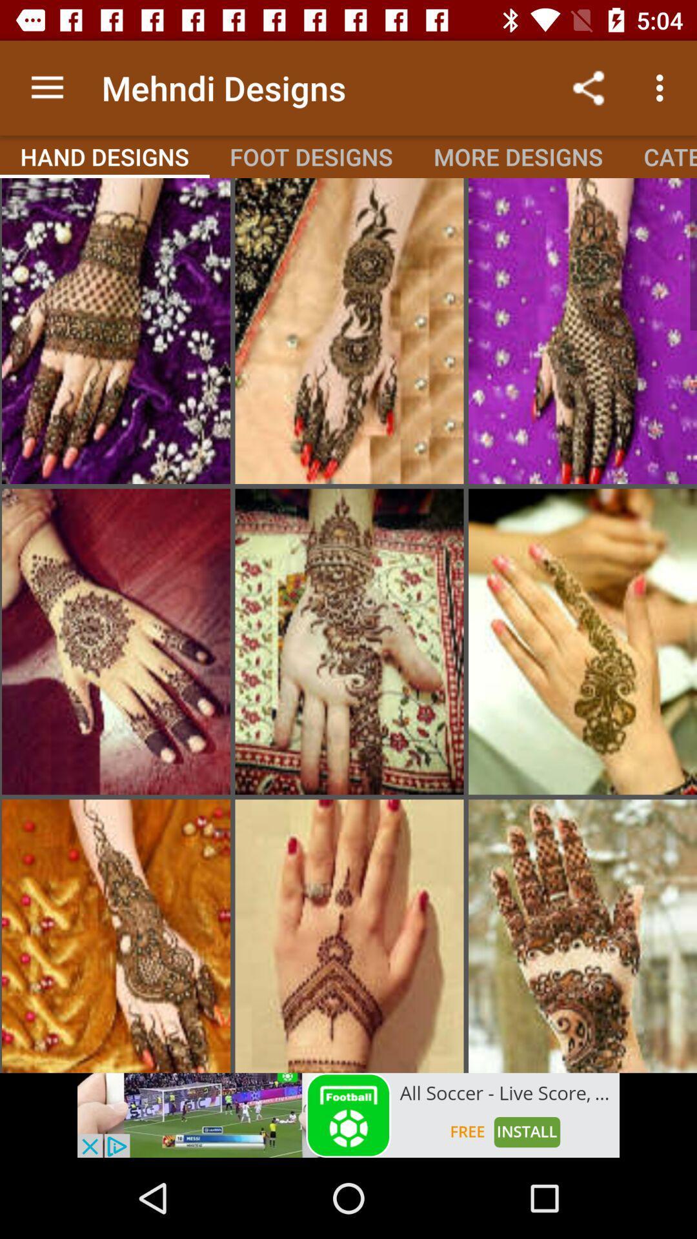  What do you see at coordinates (116, 331) in the screenshot?
I see `mehandi images icon` at bounding box center [116, 331].